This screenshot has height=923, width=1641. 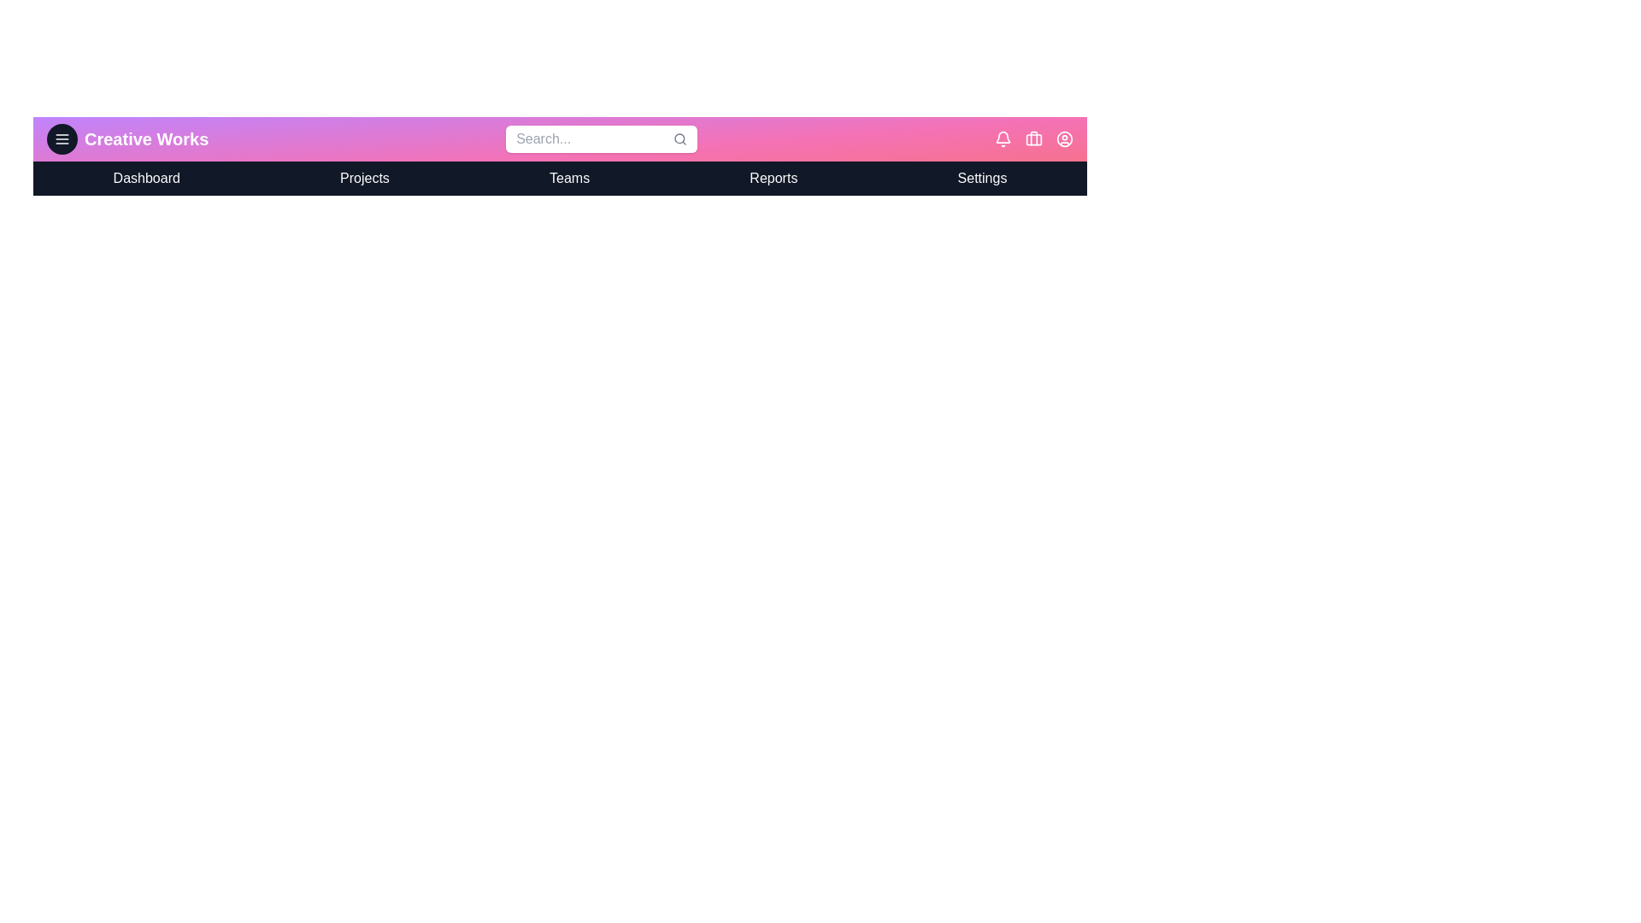 I want to click on the navigation menu item Teams to navigate to the respective section, so click(x=569, y=178).